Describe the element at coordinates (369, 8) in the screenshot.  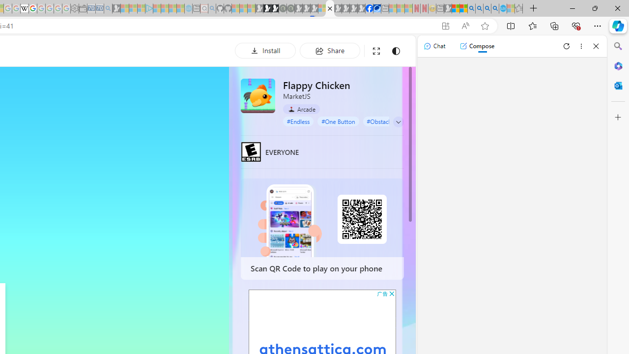
I see `'Nordace | Facebook'` at that location.